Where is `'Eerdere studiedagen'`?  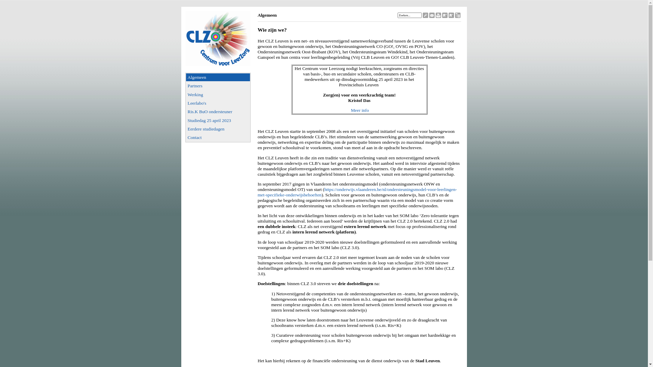 'Eerdere studiedagen' is located at coordinates (218, 129).